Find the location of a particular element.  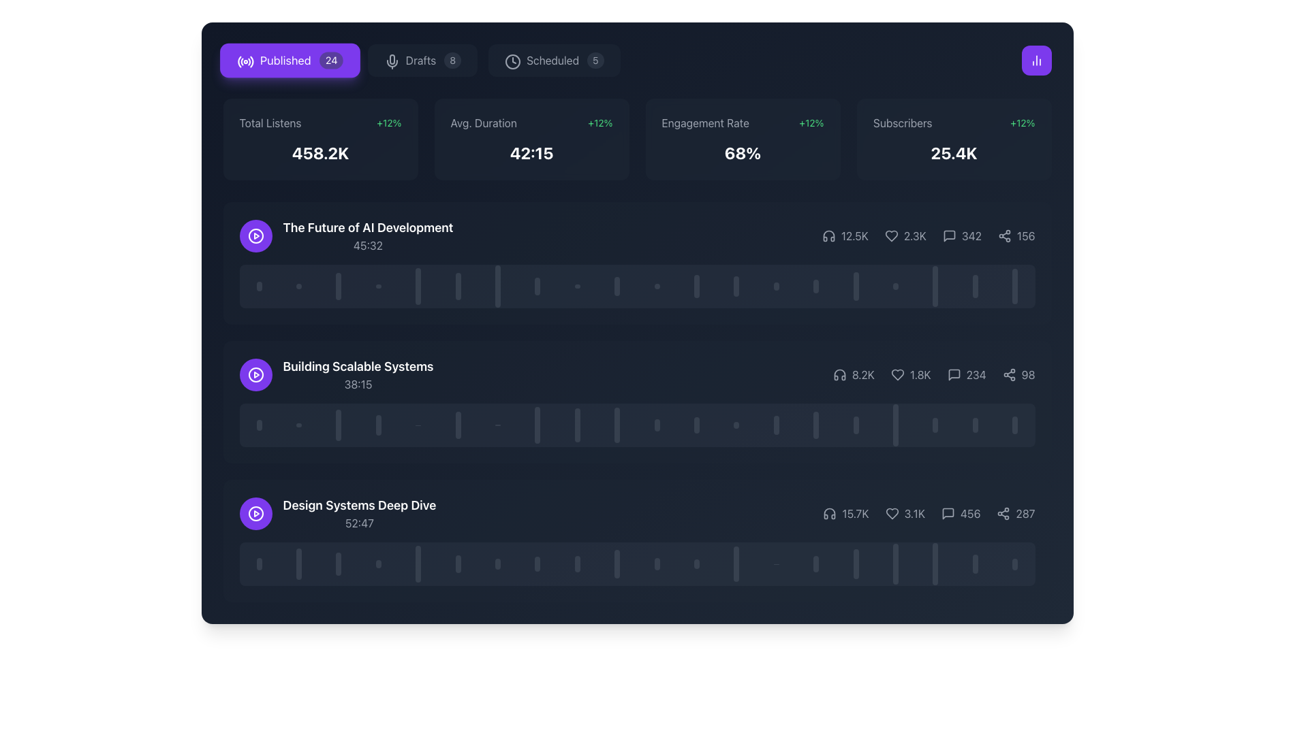

the vertical slider is located at coordinates (855, 563).